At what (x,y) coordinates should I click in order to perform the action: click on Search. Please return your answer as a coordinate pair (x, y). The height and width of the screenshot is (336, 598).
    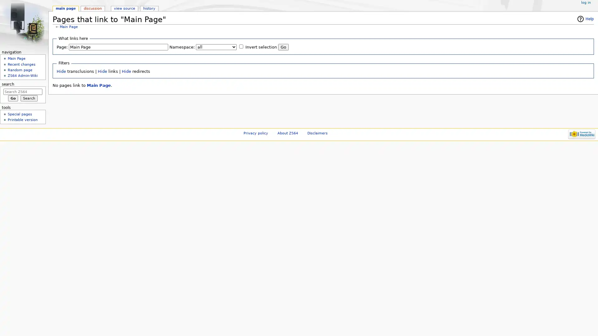
    Looking at the image, I should click on (29, 98).